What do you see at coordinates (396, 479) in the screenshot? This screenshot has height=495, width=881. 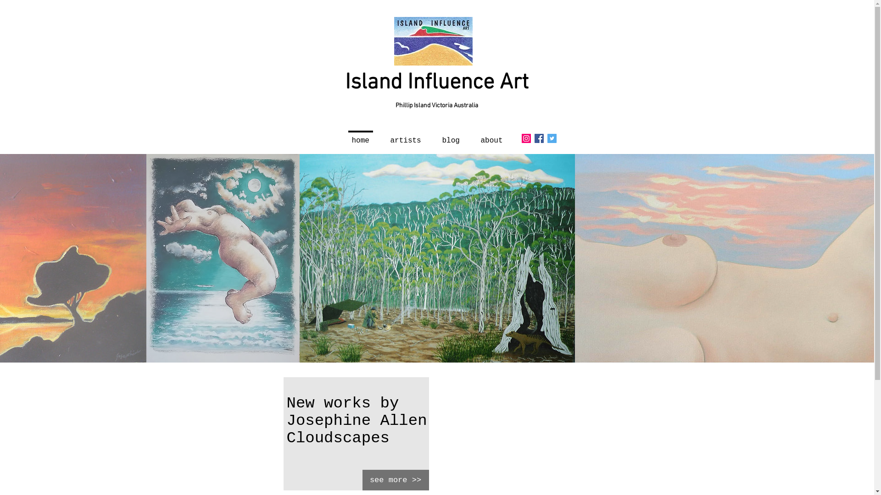 I see `'see more >>'` at bounding box center [396, 479].